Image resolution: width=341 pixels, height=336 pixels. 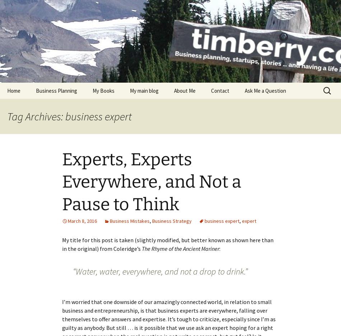 What do you see at coordinates (249, 221) in the screenshot?
I see `'expert'` at bounding box center [249, 221].